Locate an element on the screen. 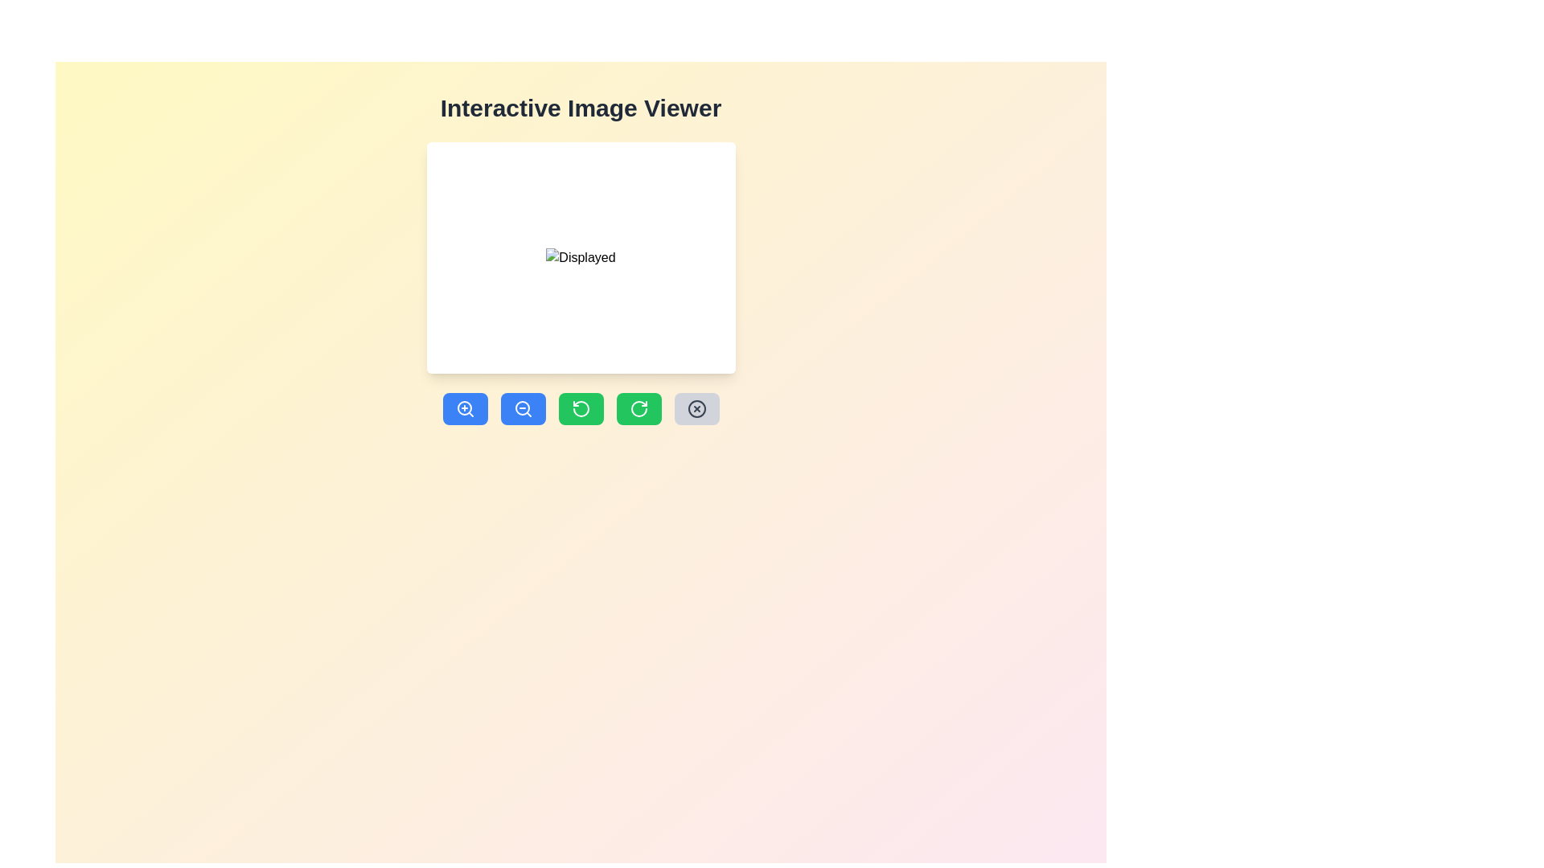  the central circular part of the zoom-in icon, which is the first icon in the button row beneath the image viewer is located at coordinates (463, 407).